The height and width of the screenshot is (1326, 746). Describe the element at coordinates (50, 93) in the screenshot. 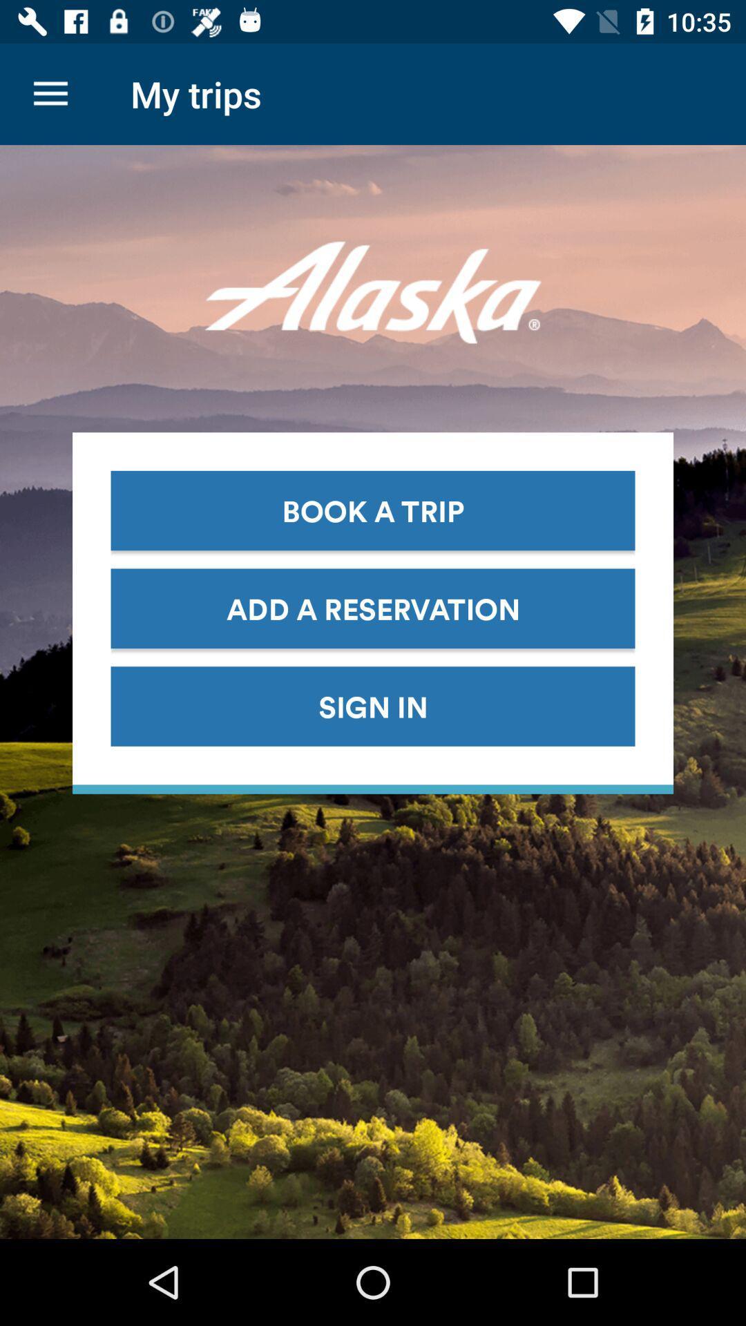

I see `the item to the left of the my trips item` at that location.